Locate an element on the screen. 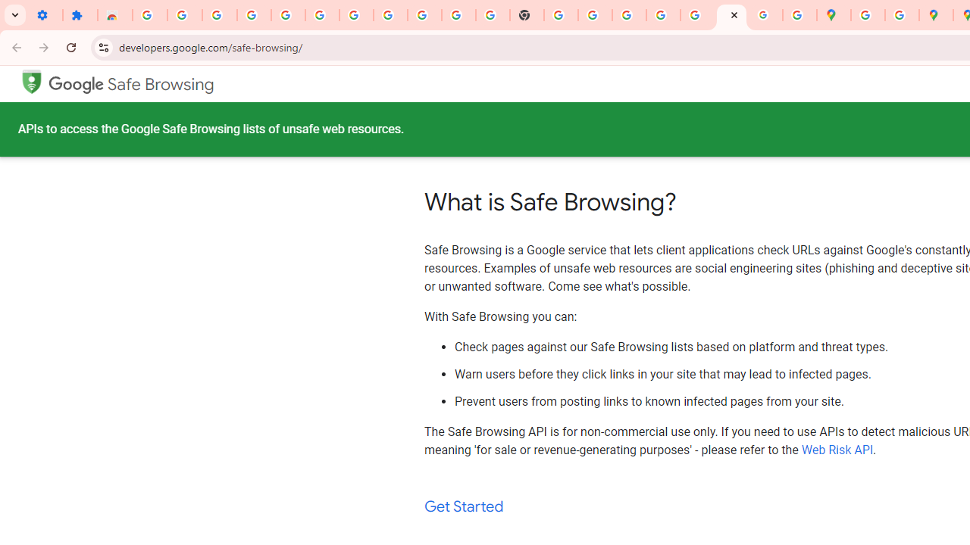 This screenshot has height=545, width=970. 'Settings - On startup' is located at coordinates (45, 15).